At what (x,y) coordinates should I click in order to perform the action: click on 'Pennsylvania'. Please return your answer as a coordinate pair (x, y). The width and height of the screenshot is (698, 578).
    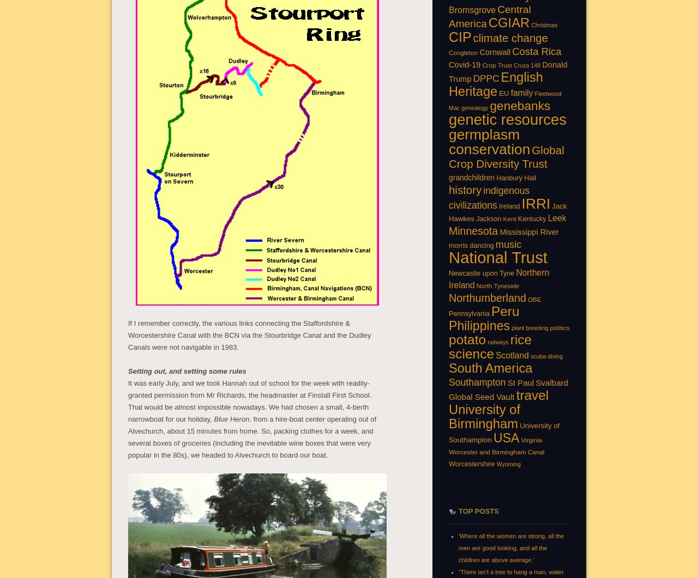
    Looking at the image, I should click on (449, 312).